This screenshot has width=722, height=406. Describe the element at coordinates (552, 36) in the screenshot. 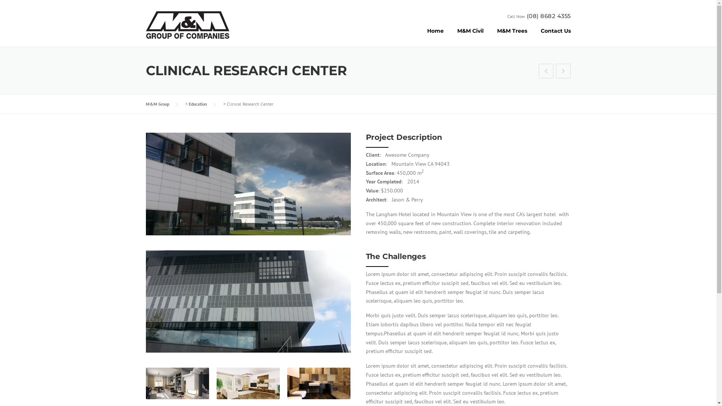

I see `'Contact Us'` at that location.